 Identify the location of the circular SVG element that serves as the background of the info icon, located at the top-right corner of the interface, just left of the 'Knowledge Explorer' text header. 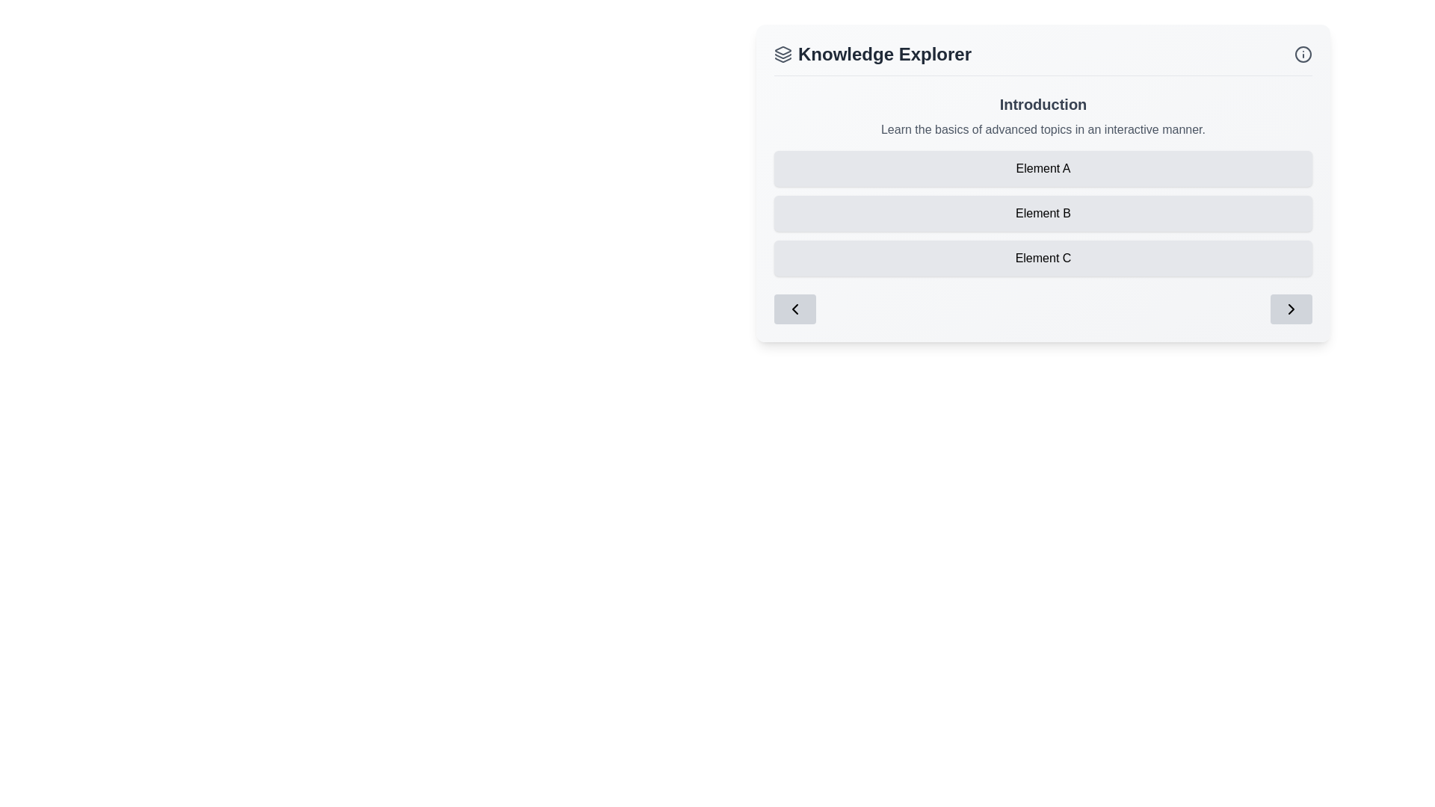
(1302, 54).